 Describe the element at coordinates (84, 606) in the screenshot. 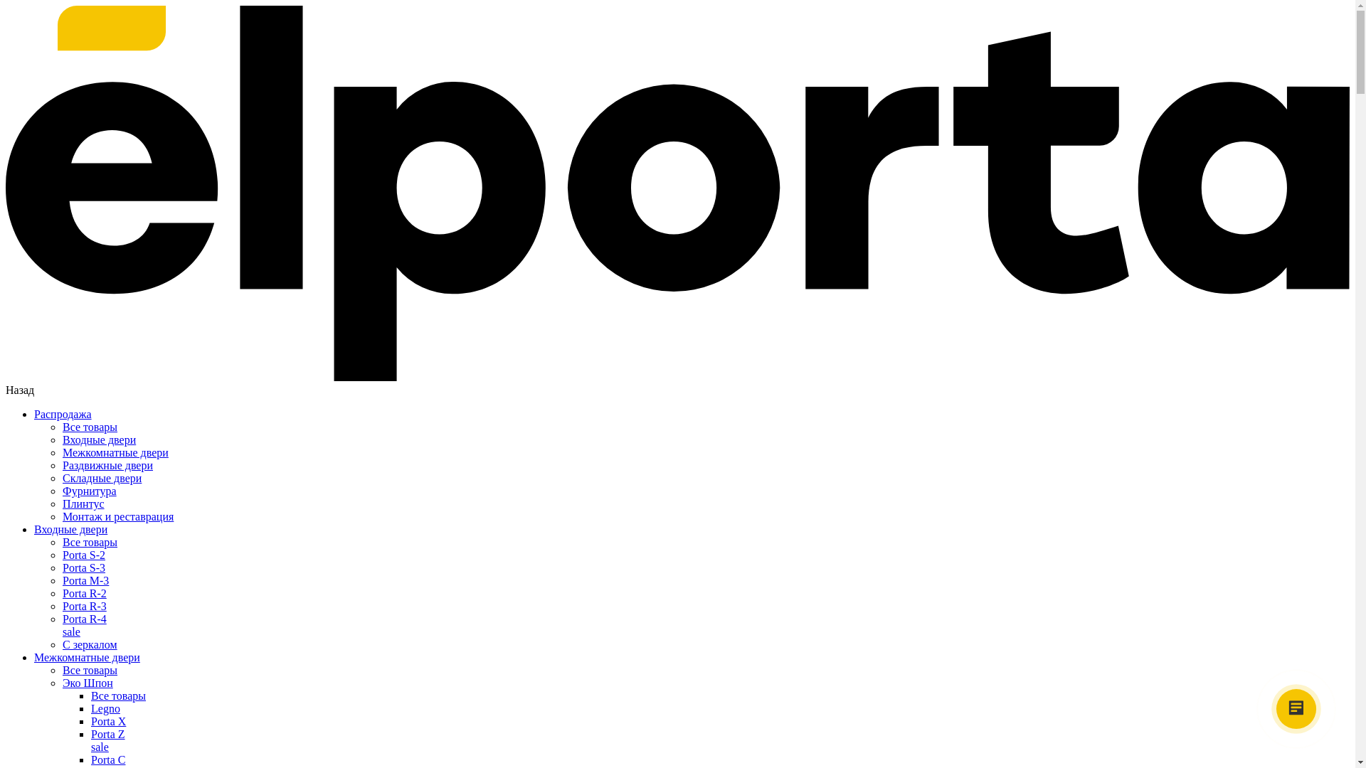

I see `'Porta R-3'` at that location.